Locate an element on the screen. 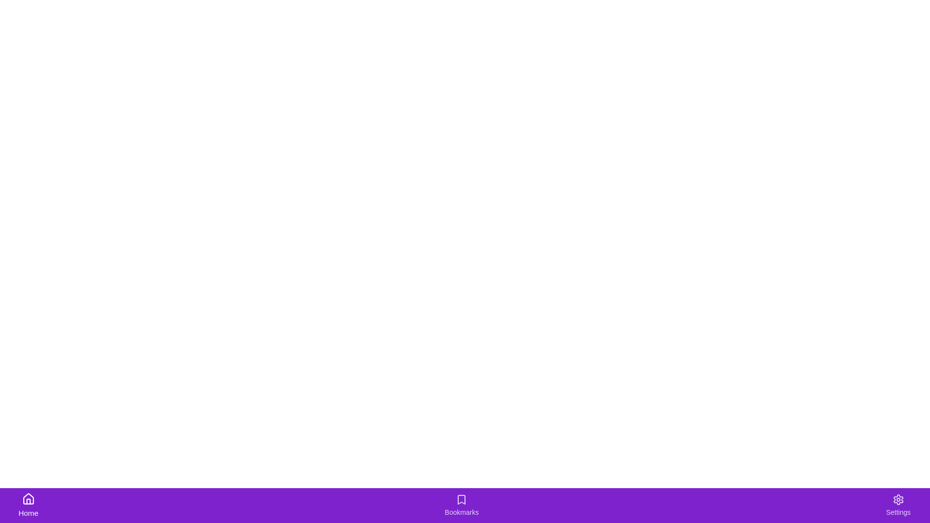  the Home tab by clicking on its icon or label is located at coordinates (28, 505).